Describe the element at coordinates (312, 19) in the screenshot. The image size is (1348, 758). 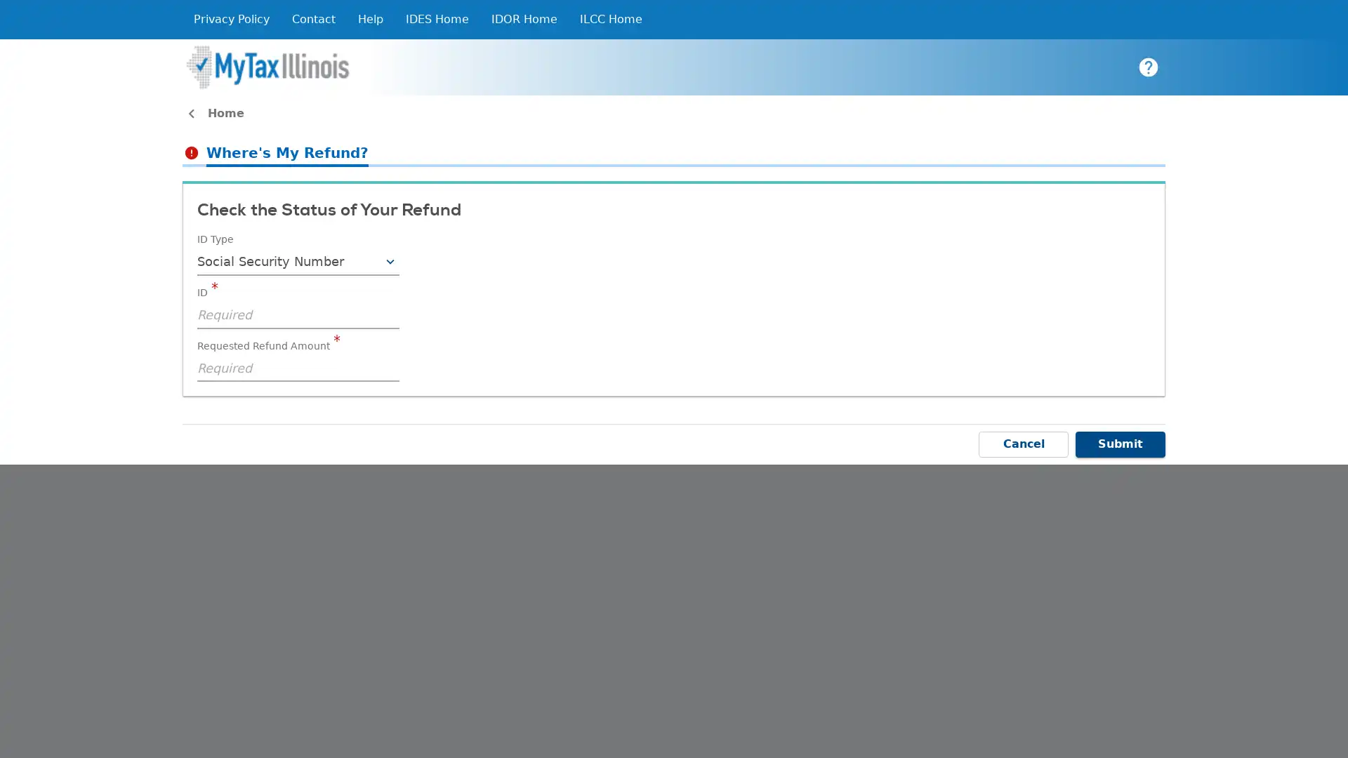
I see `Contact` at that location.